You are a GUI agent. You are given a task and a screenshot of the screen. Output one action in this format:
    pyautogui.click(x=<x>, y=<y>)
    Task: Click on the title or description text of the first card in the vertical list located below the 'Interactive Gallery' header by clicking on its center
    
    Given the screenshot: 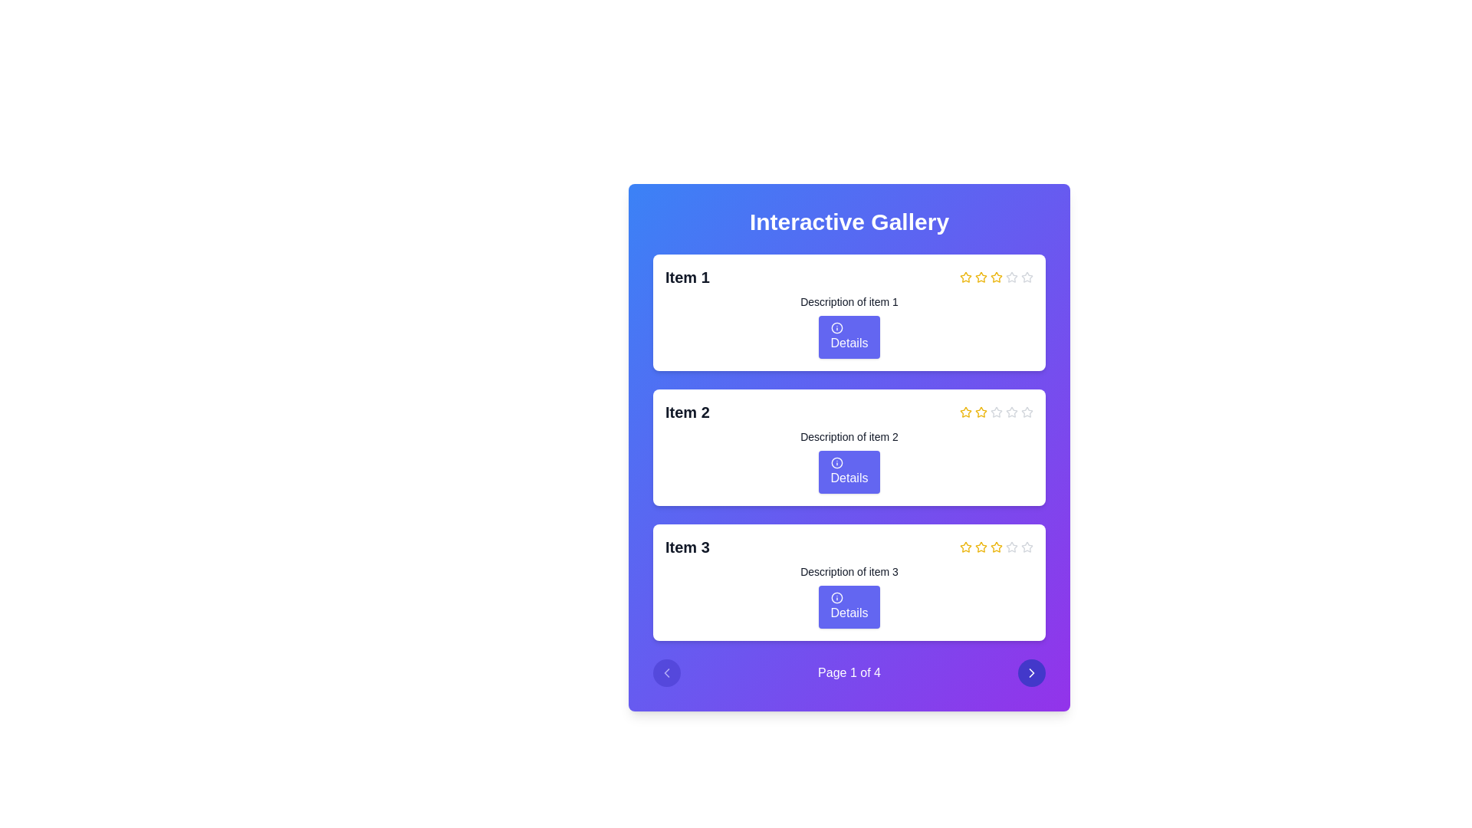 What is the action you would take?
    pyautogui.click(x=849, y=312)
    